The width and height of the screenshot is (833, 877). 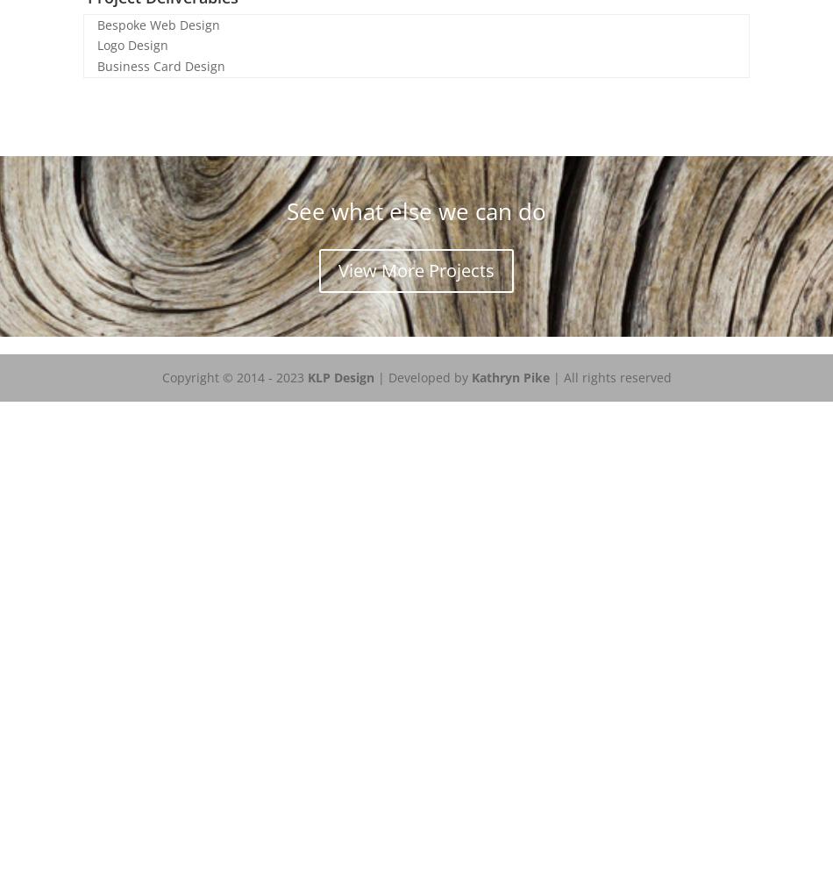 I want to click on 'Bespoke Web Design', so click(x=158, y=24).